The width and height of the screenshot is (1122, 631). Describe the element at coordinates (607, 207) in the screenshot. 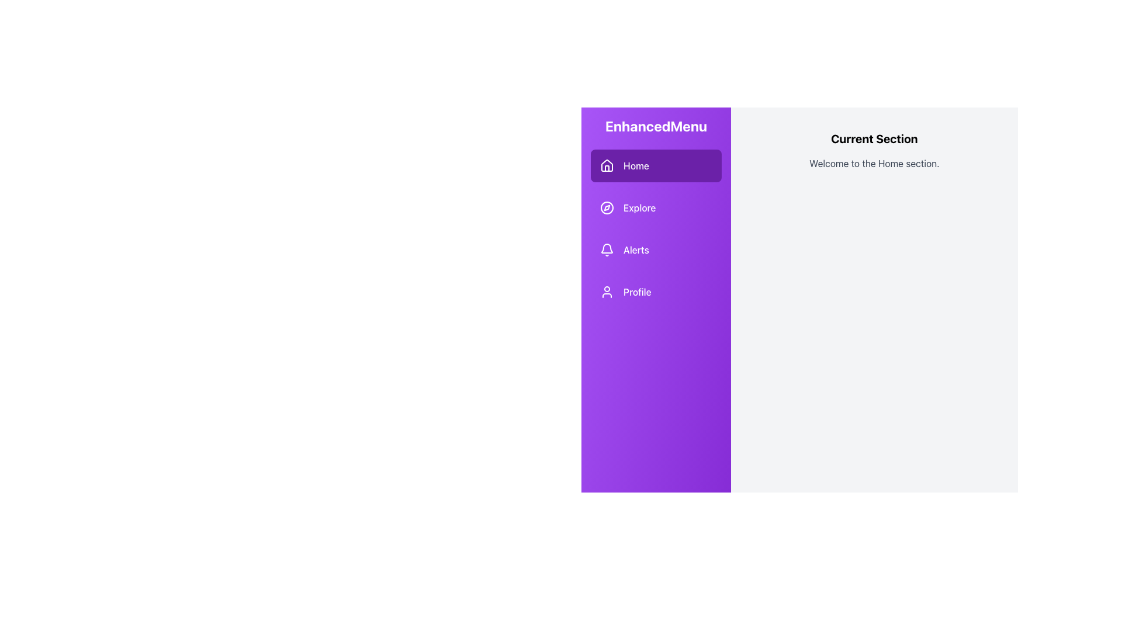

I see `the compass icon located in the side navigation bar, which is styled with a simplistic, currentColor stroke design and positioned adjacent to the 'Explore' label` at that location.